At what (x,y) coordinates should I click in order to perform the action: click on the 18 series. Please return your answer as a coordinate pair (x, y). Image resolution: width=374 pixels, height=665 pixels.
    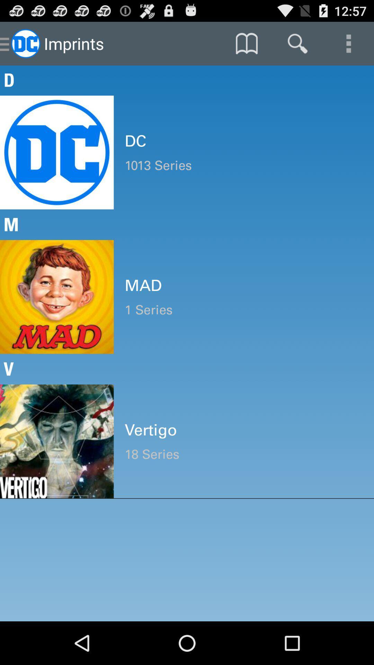
    Looking at the image, I should click on (243, 454).